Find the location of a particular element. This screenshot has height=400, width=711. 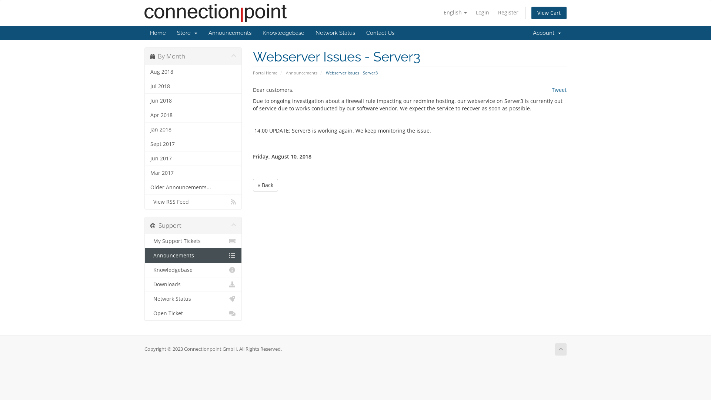

'Tweet' is located at coordinates (559, 89).